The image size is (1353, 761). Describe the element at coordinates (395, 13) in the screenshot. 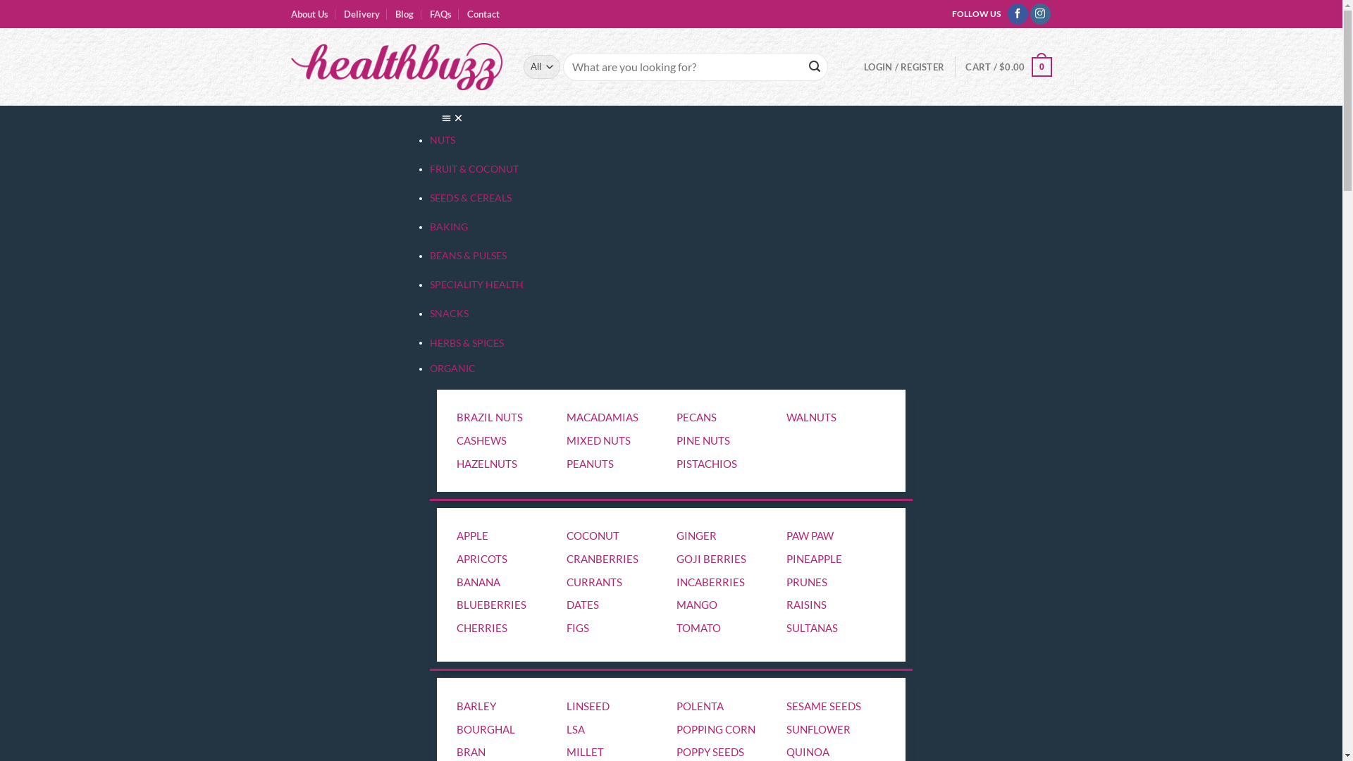

I see `'Blog'` at that location.